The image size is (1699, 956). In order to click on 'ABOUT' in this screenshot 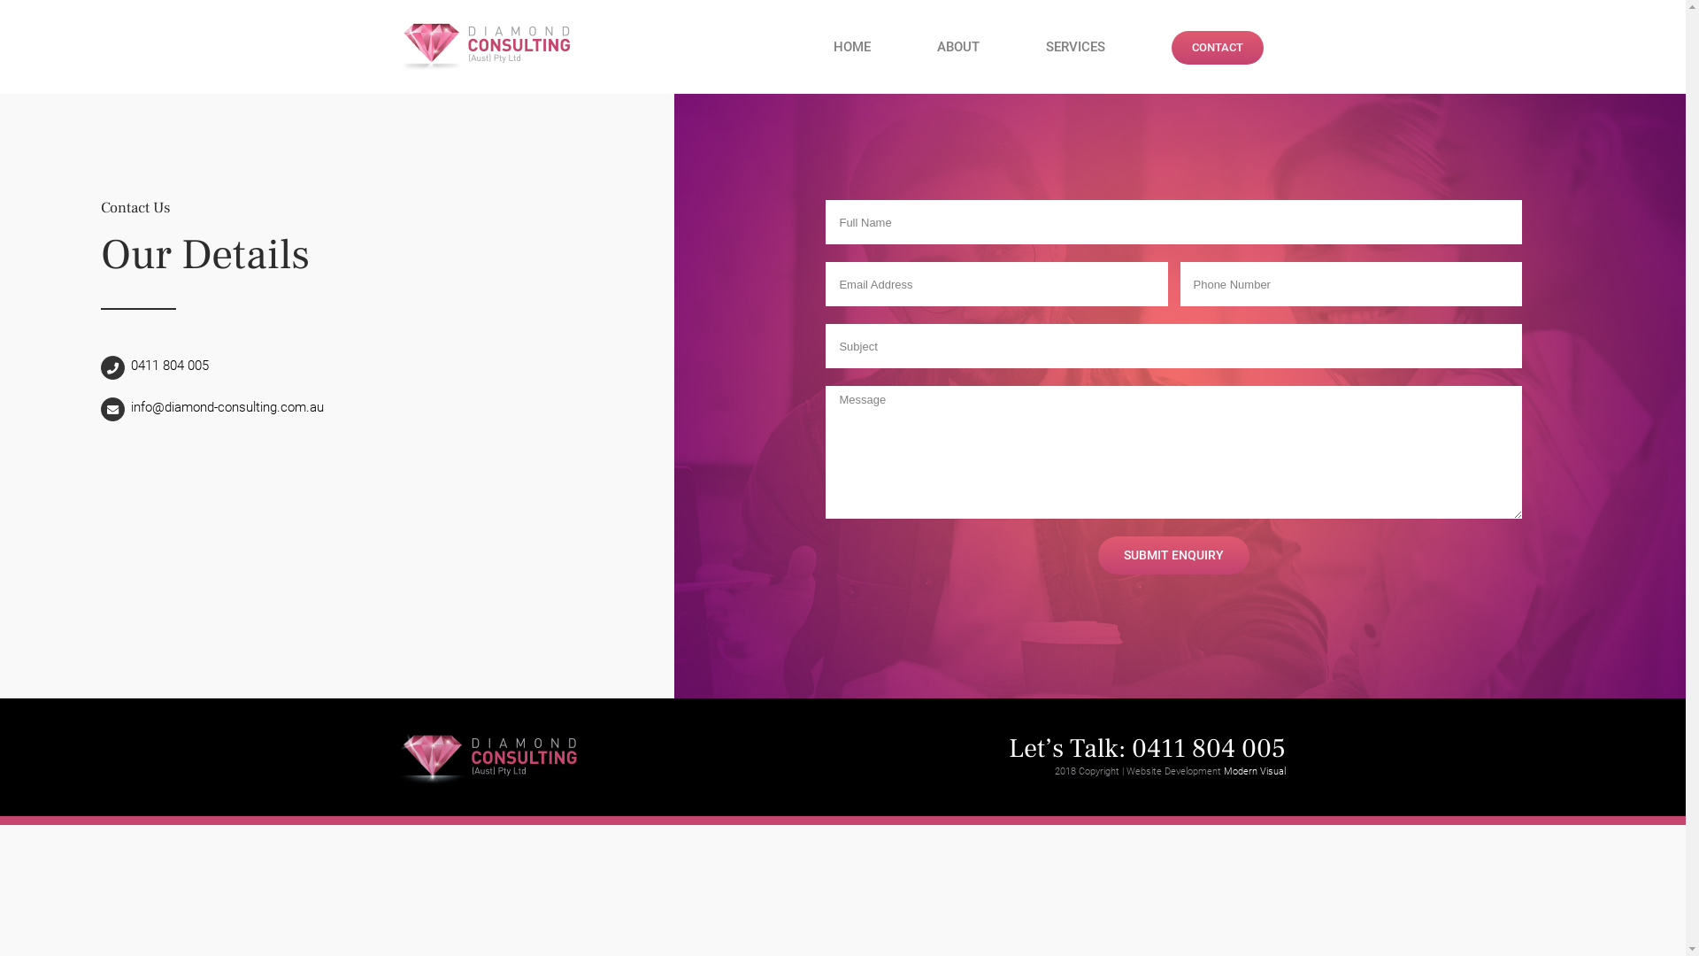, I will do `click(914, 46)`.